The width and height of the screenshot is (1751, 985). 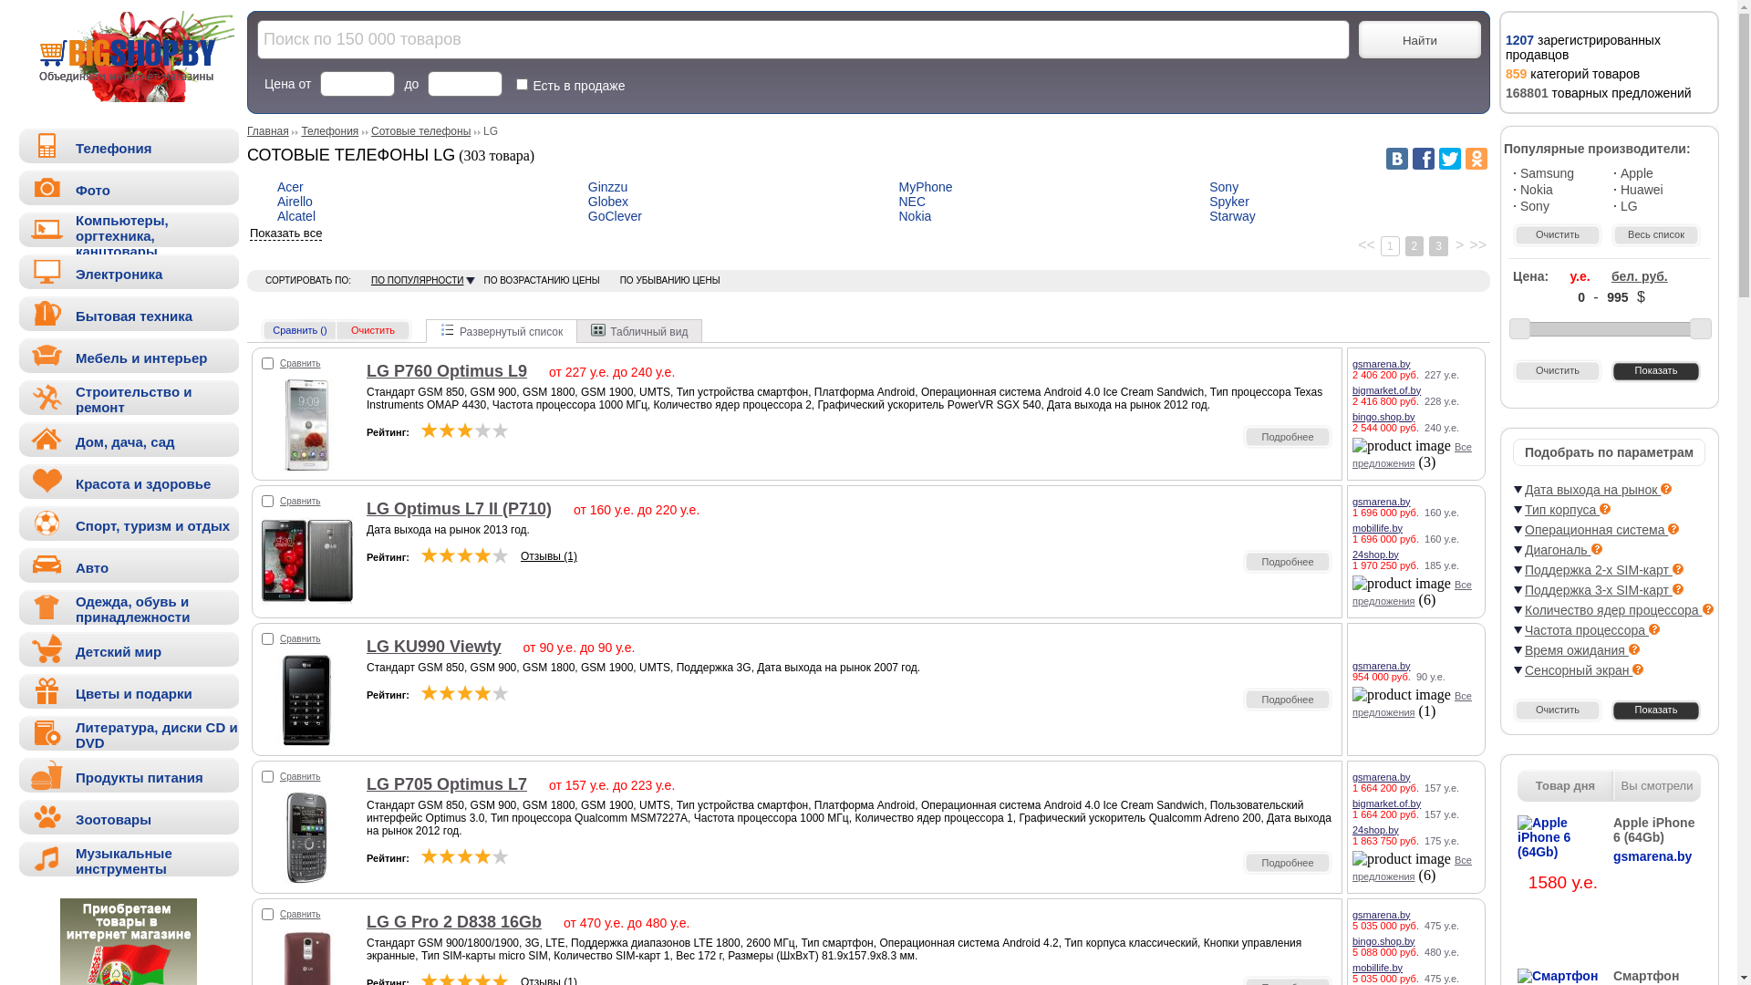 I want to click on 'LG Optimus L7 II (P710)', so click(x=459, y=509).